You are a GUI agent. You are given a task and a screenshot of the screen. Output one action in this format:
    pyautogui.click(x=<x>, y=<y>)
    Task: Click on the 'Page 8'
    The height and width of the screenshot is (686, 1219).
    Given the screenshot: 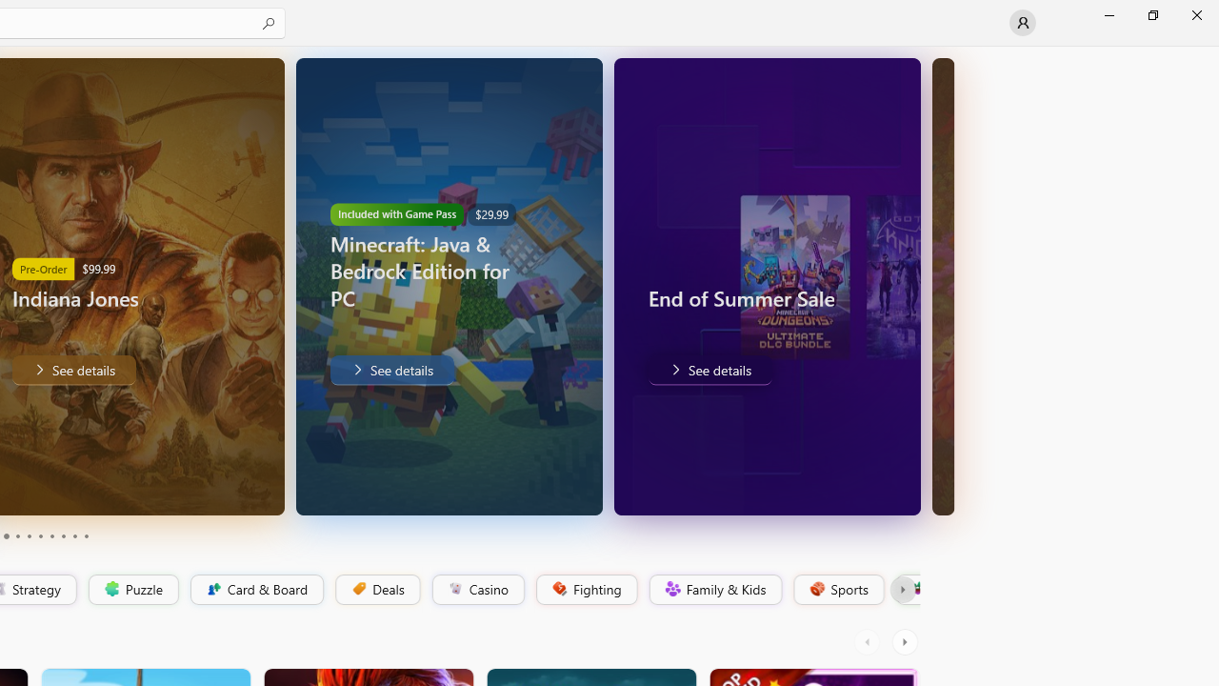 What is the action you would take?
    pyautogui.click(x=62, y=536)
    